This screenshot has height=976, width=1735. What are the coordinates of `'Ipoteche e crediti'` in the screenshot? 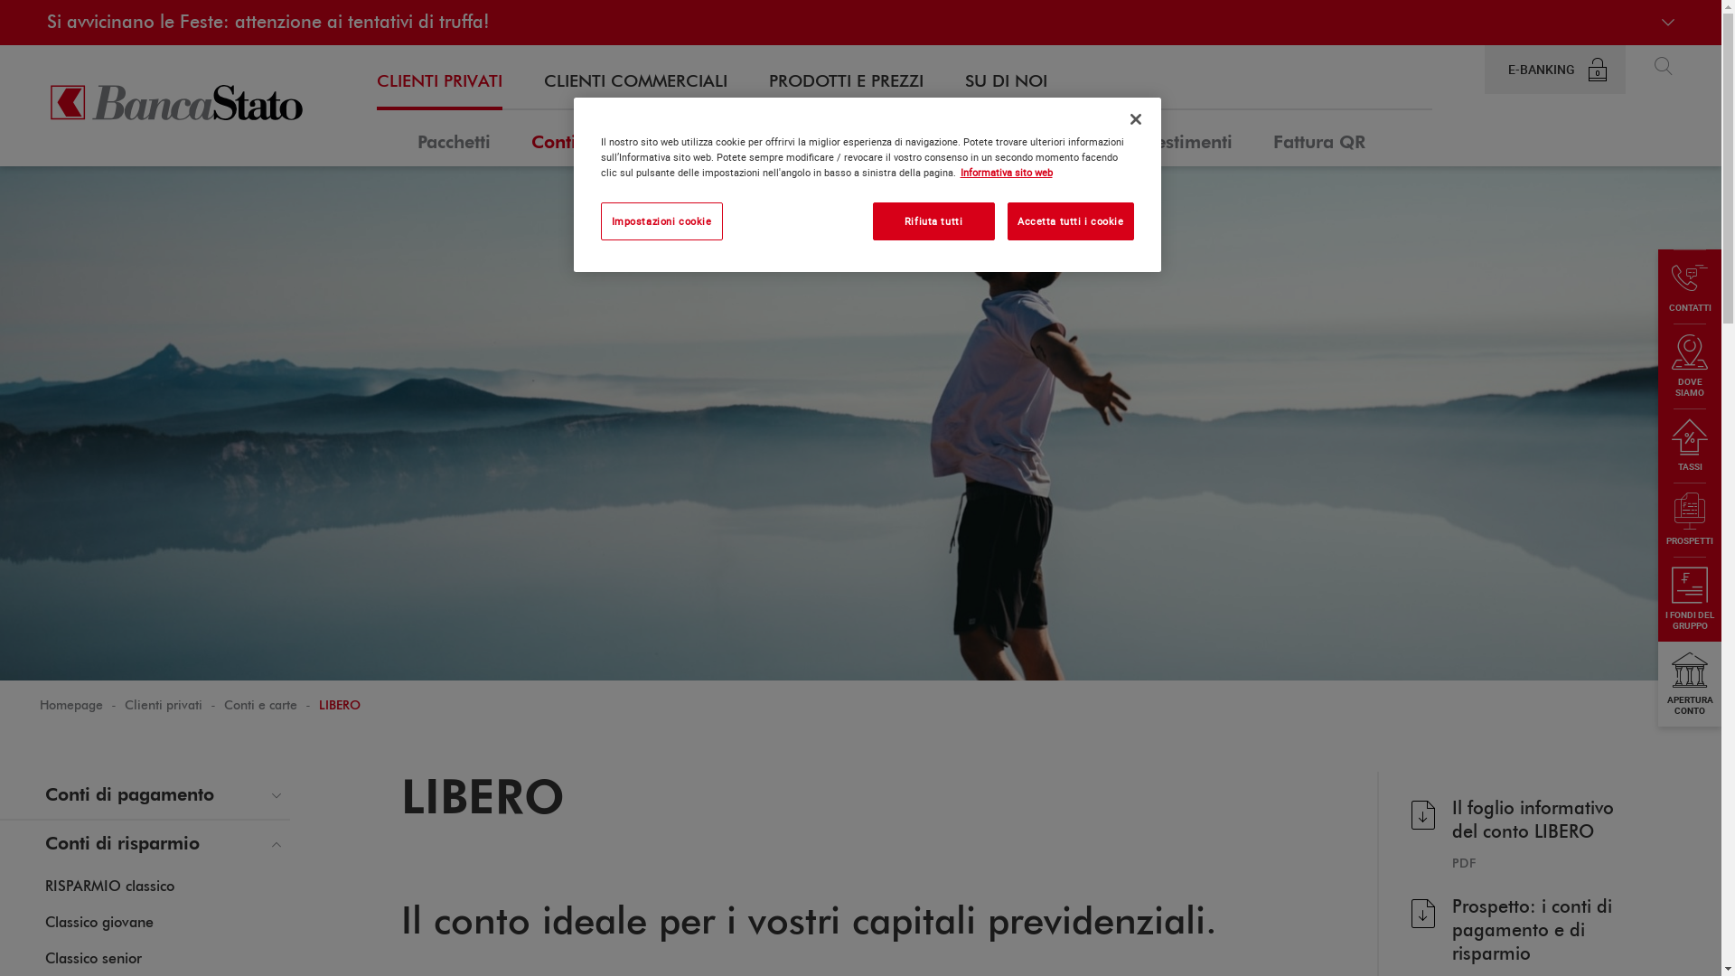 It's located at (751, 137).